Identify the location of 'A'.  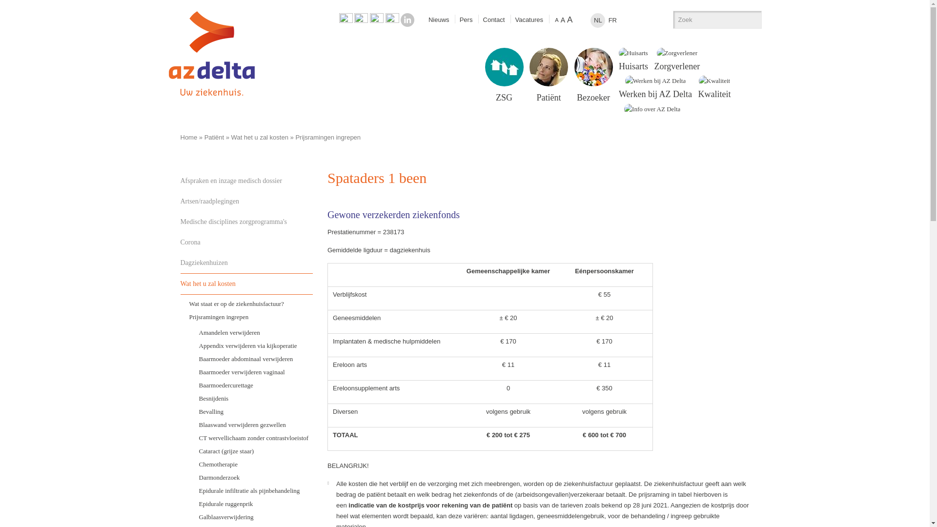
(570, 20).